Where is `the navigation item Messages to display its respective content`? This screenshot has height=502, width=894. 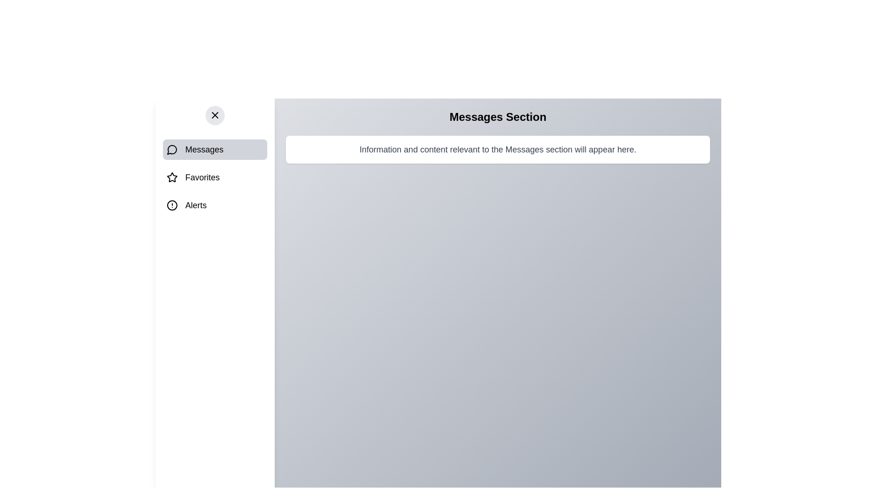 the navigation item Messages to display its respective content is located at coordinates (214, 149).